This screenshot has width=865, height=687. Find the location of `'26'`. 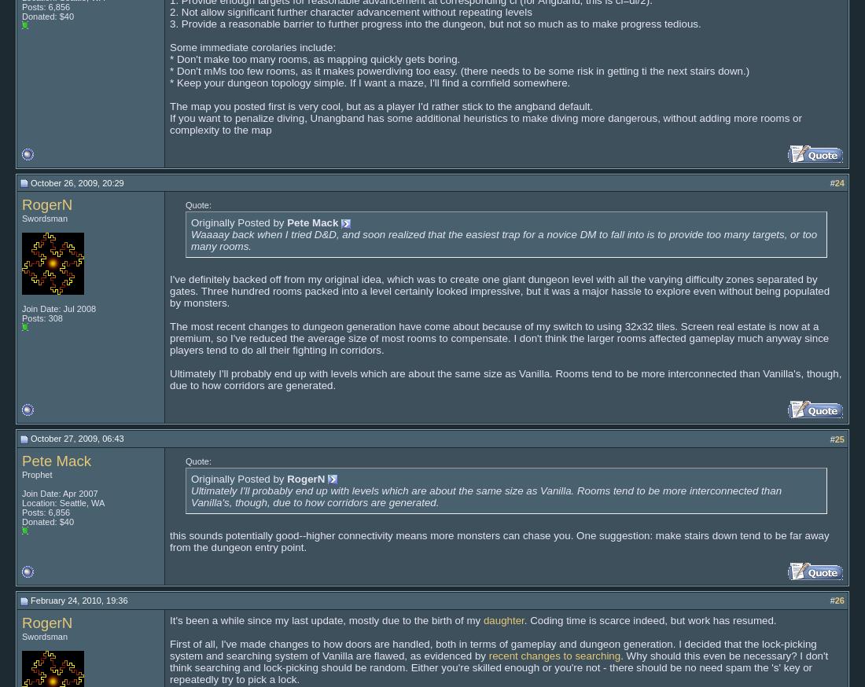

'26' is located at coordinates (839, 599).